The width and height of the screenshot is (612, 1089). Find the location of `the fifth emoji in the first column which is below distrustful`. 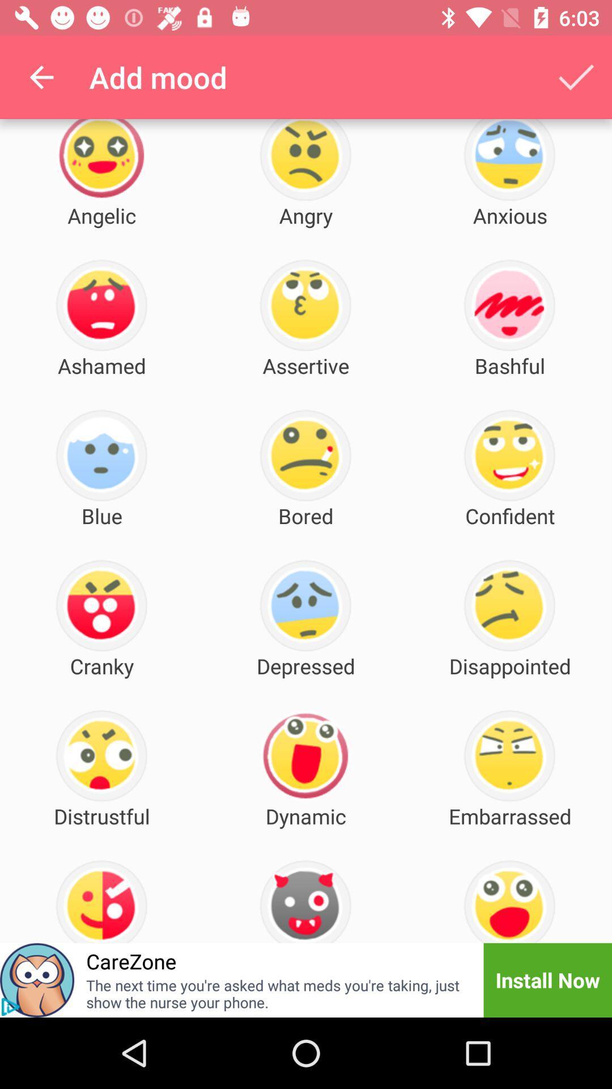

the fifth emoji in the first column which is below distrustful is located at coordinates (101, 901).